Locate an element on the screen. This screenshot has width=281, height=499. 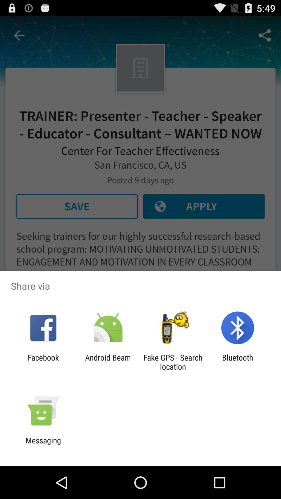
item at the bottom right corner is located at coordinates (238, 362).